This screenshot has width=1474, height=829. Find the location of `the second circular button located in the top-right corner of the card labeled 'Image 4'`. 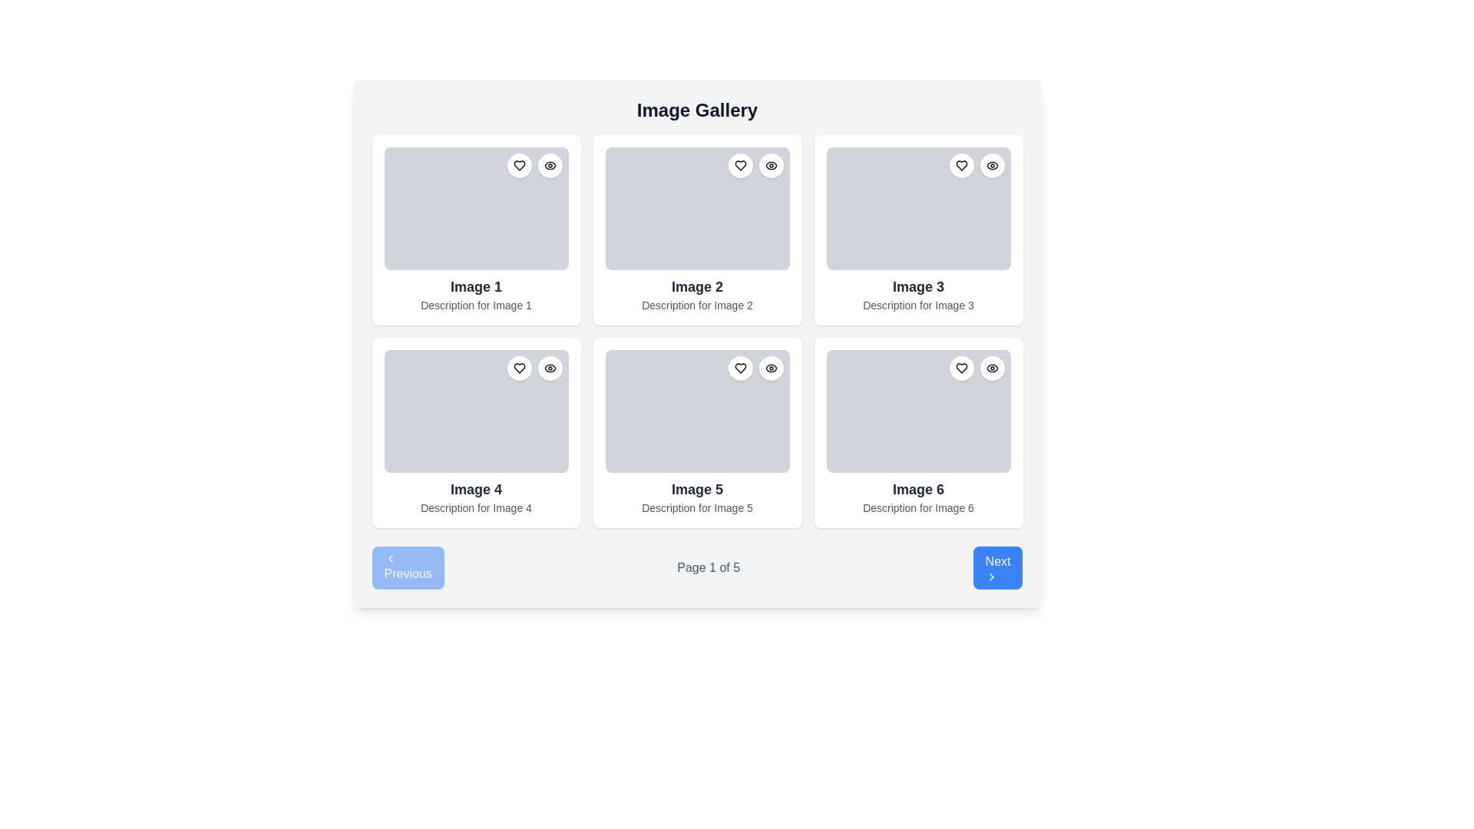

the second circular button located in the top-right corner of the card labeled 'Image 4' is located at coordinates (550, 368).